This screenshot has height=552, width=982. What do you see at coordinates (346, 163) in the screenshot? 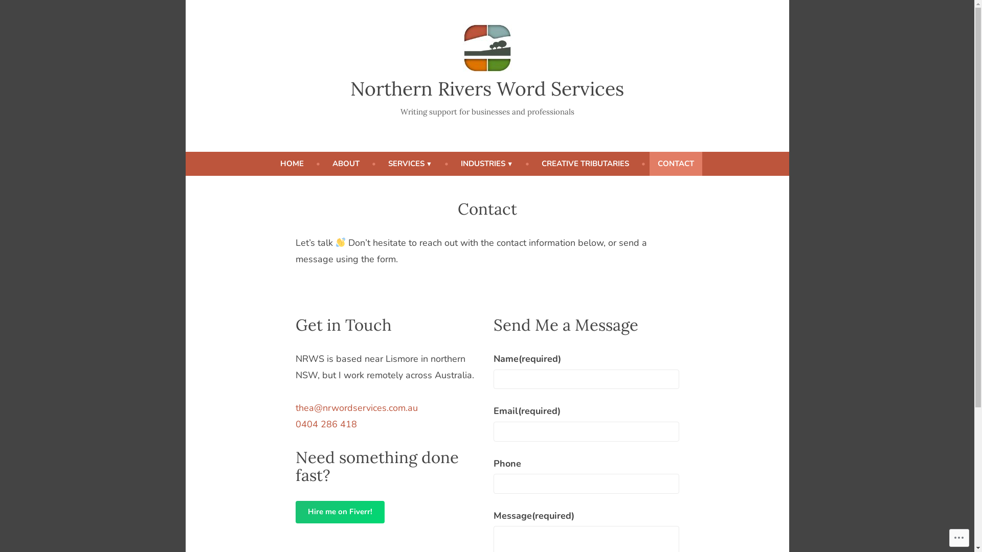
I see `'ABOUT'` at bounding box center [346, 163].